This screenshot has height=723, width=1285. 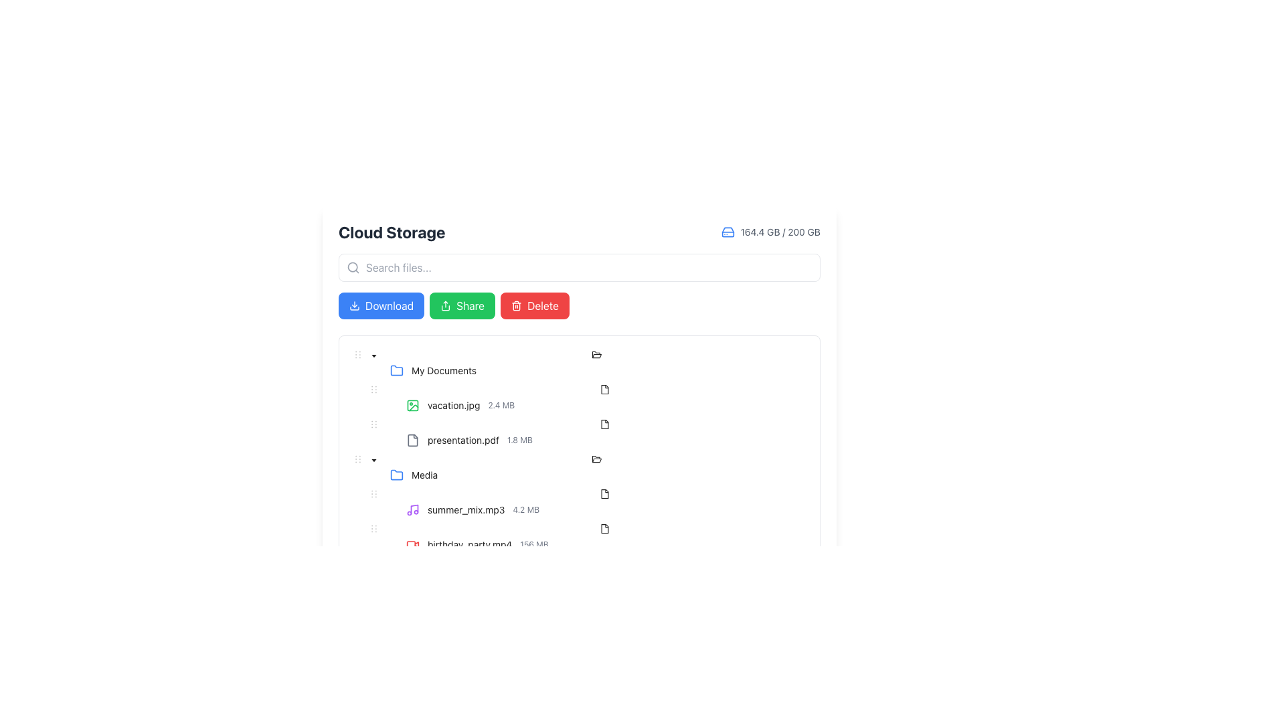 I want to click on the last file entry in the 'Media' folder within the file management system, so click(x=604, y=544).